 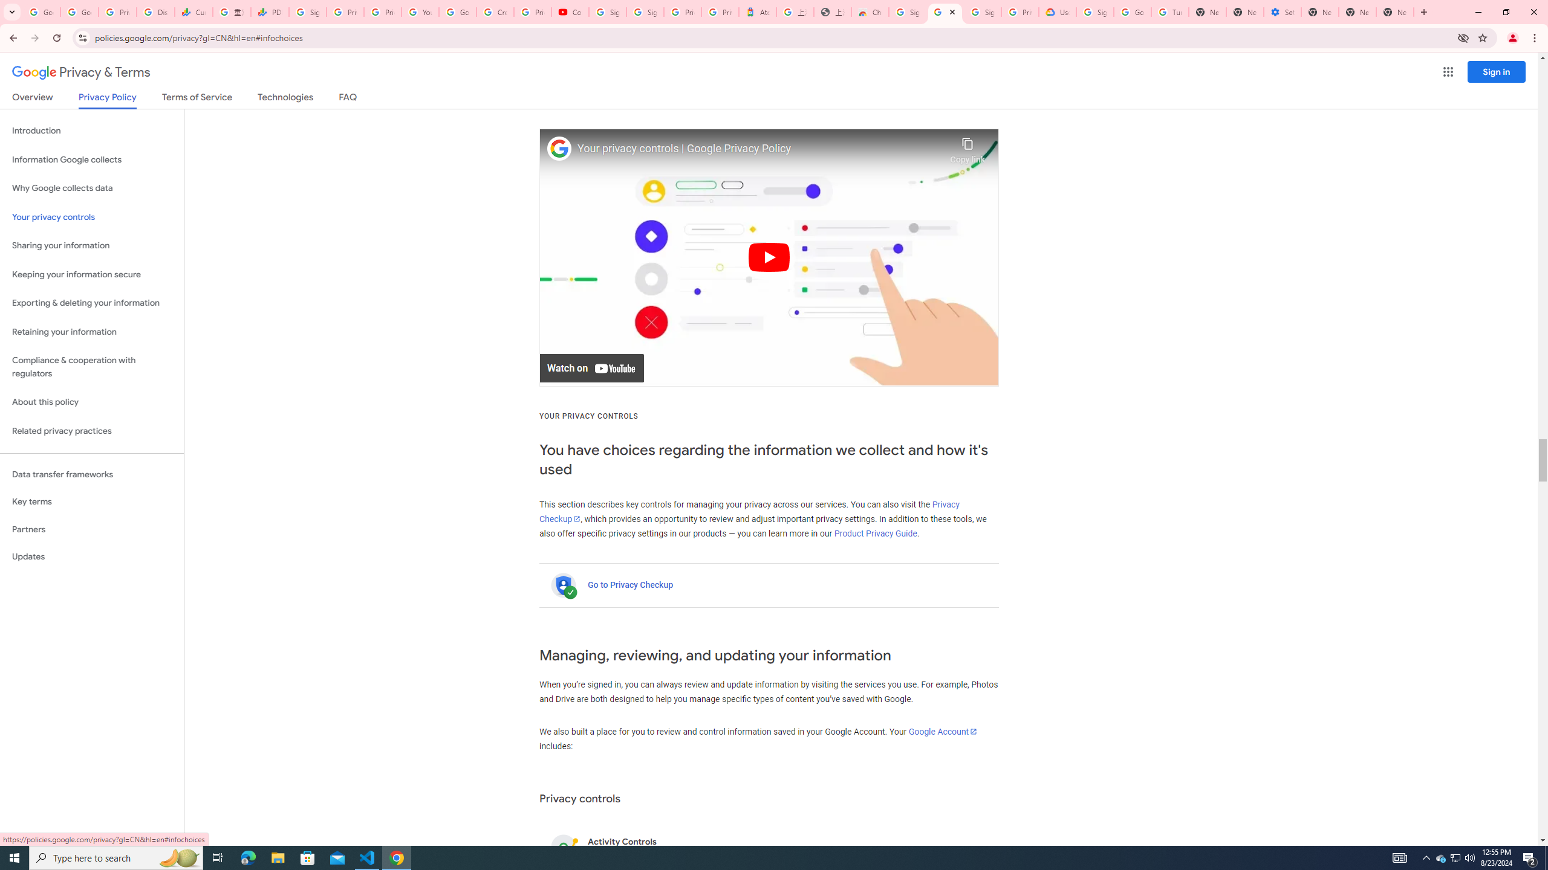 I want to click on 'YouTube', so click(x=420, y=11).